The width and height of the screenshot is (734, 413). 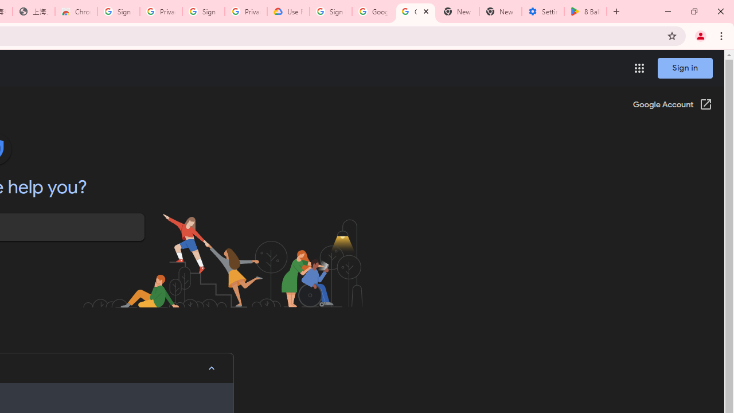 I want to click on 'Chrome Web Store - Color themes by Chrome', so click(x=76, y=11).